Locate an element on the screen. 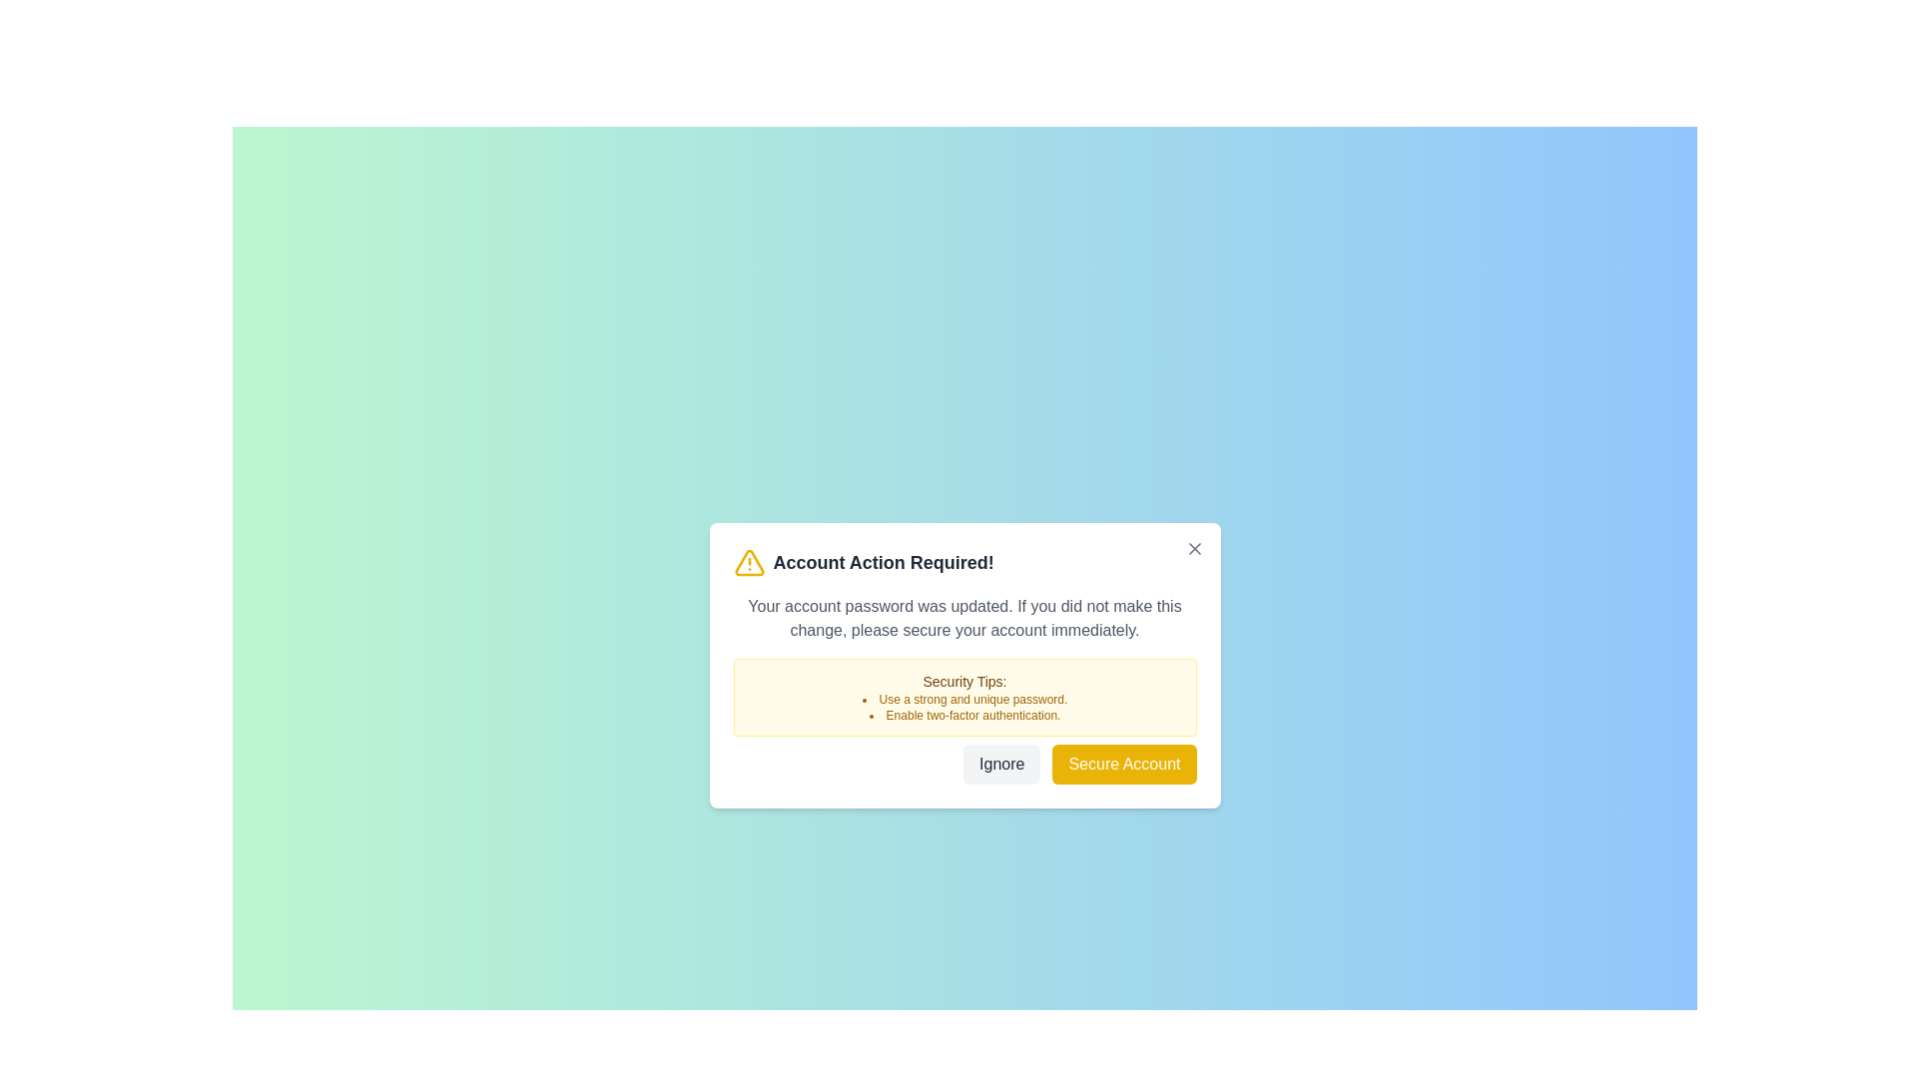 The image size is (1917, 1078). the yellow box containing the security tips is located at coordinates (964, 696).